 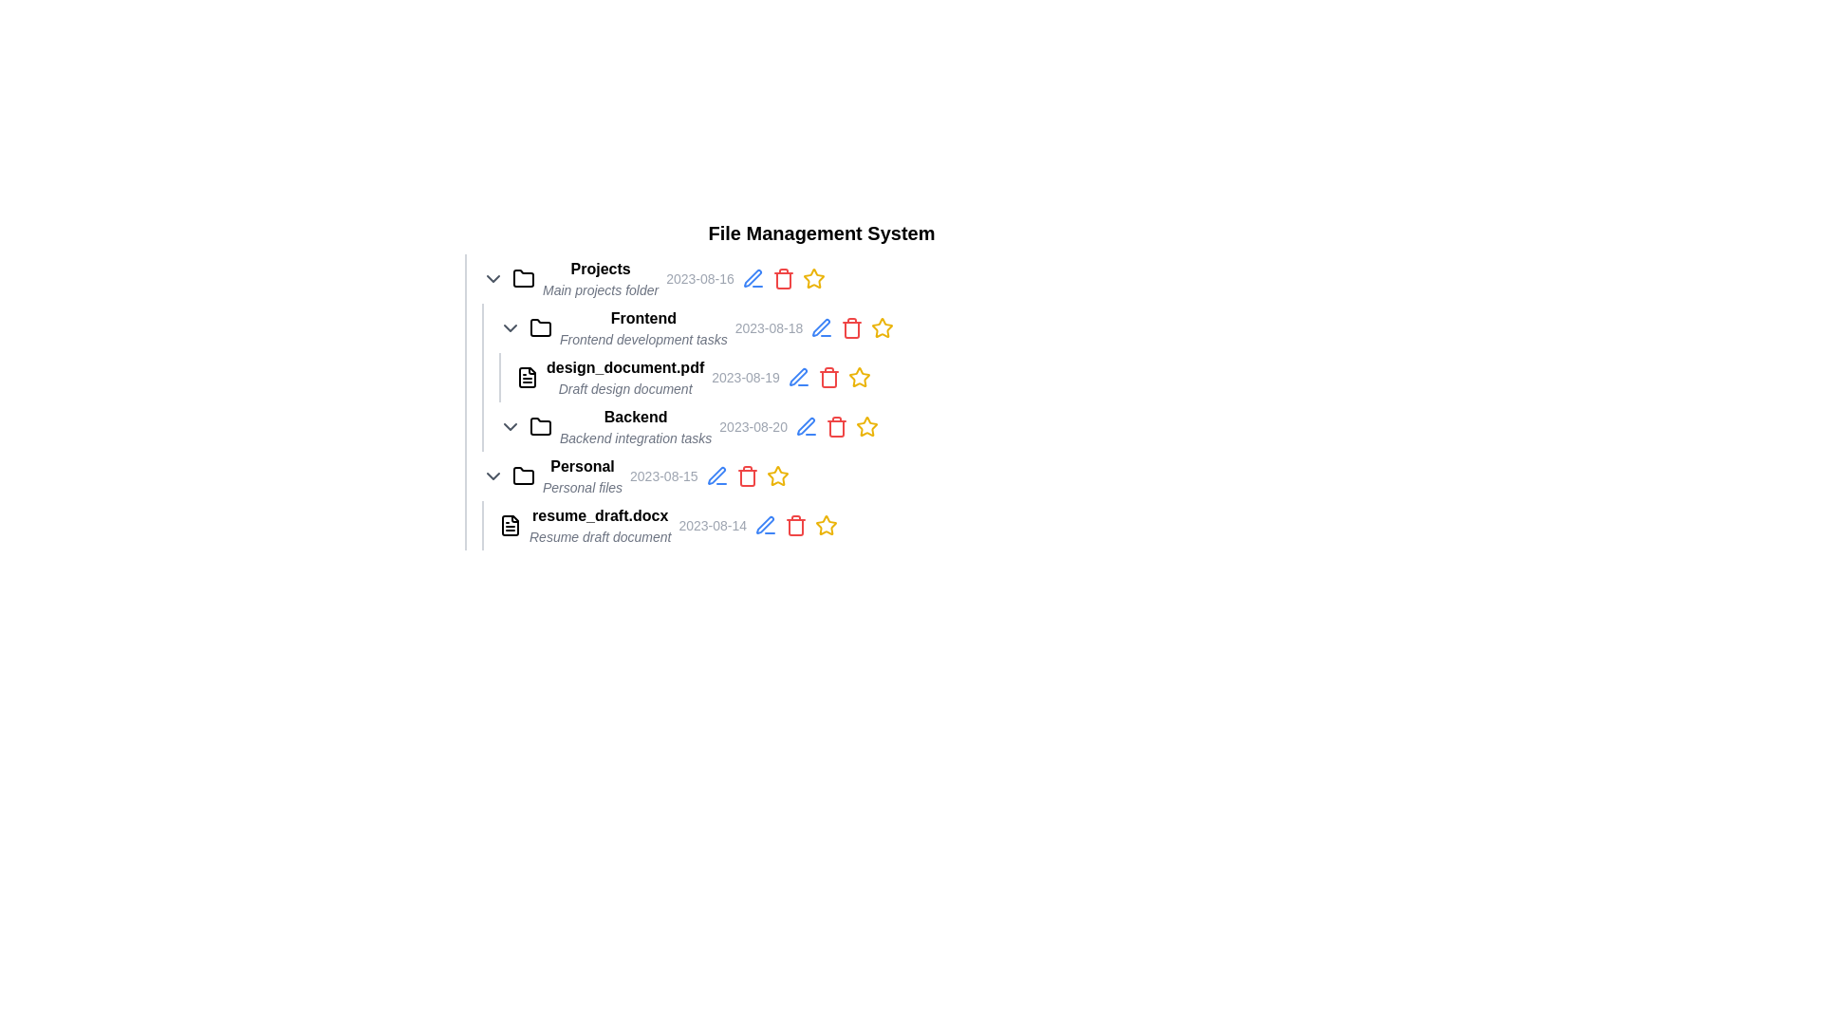 I want to click on the headline text label 'File Management System', which is a bold and prominent title located at the top of the interface, centrally aligned above project-related entries, so click(x=821, y=233).